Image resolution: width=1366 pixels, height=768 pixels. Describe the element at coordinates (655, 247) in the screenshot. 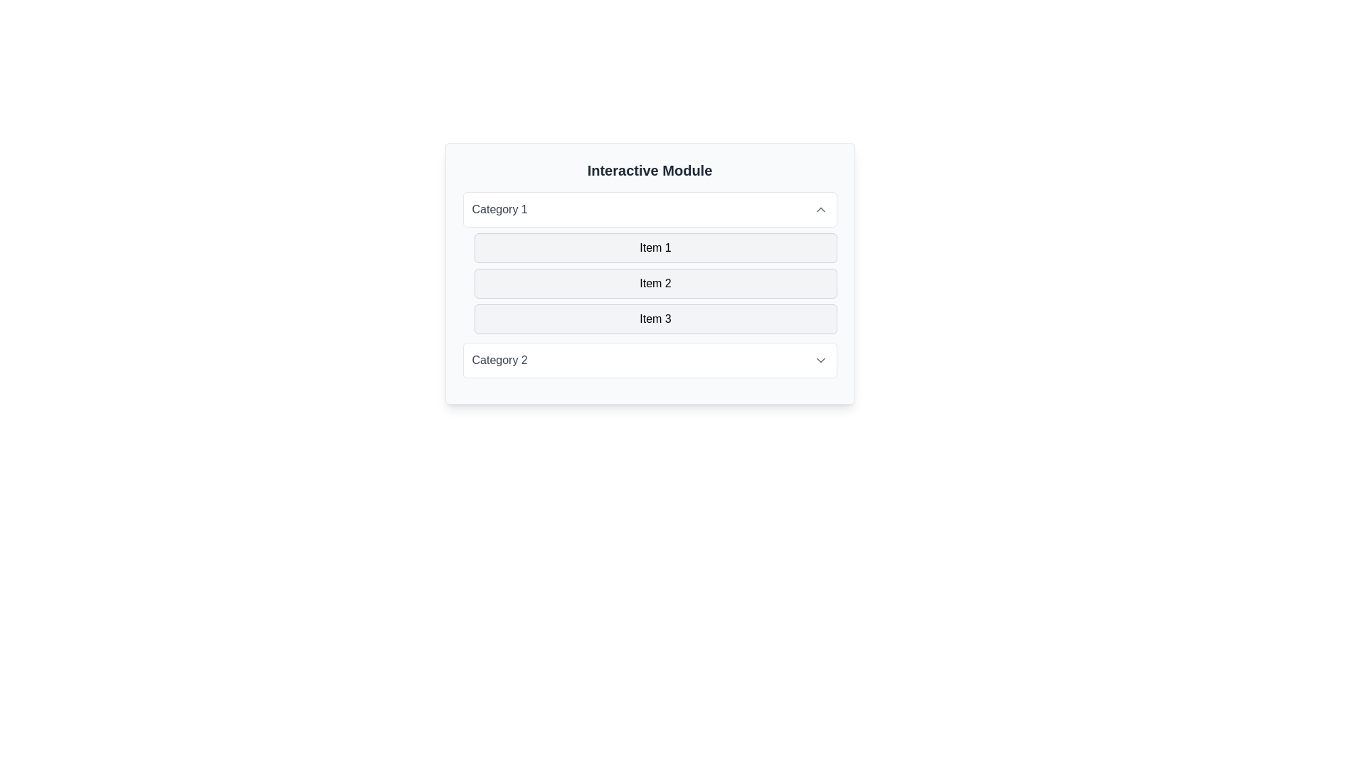

I see `the first list item in the 'Category 1' section of the 'Interactive Module'` at that location.